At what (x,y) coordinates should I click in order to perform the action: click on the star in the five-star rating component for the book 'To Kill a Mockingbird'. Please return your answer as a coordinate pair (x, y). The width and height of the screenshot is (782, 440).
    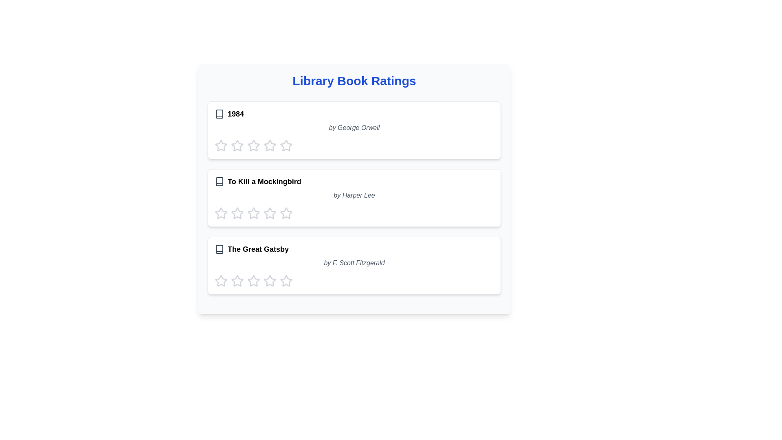
    Looking at the image, I should click on (354, 213).